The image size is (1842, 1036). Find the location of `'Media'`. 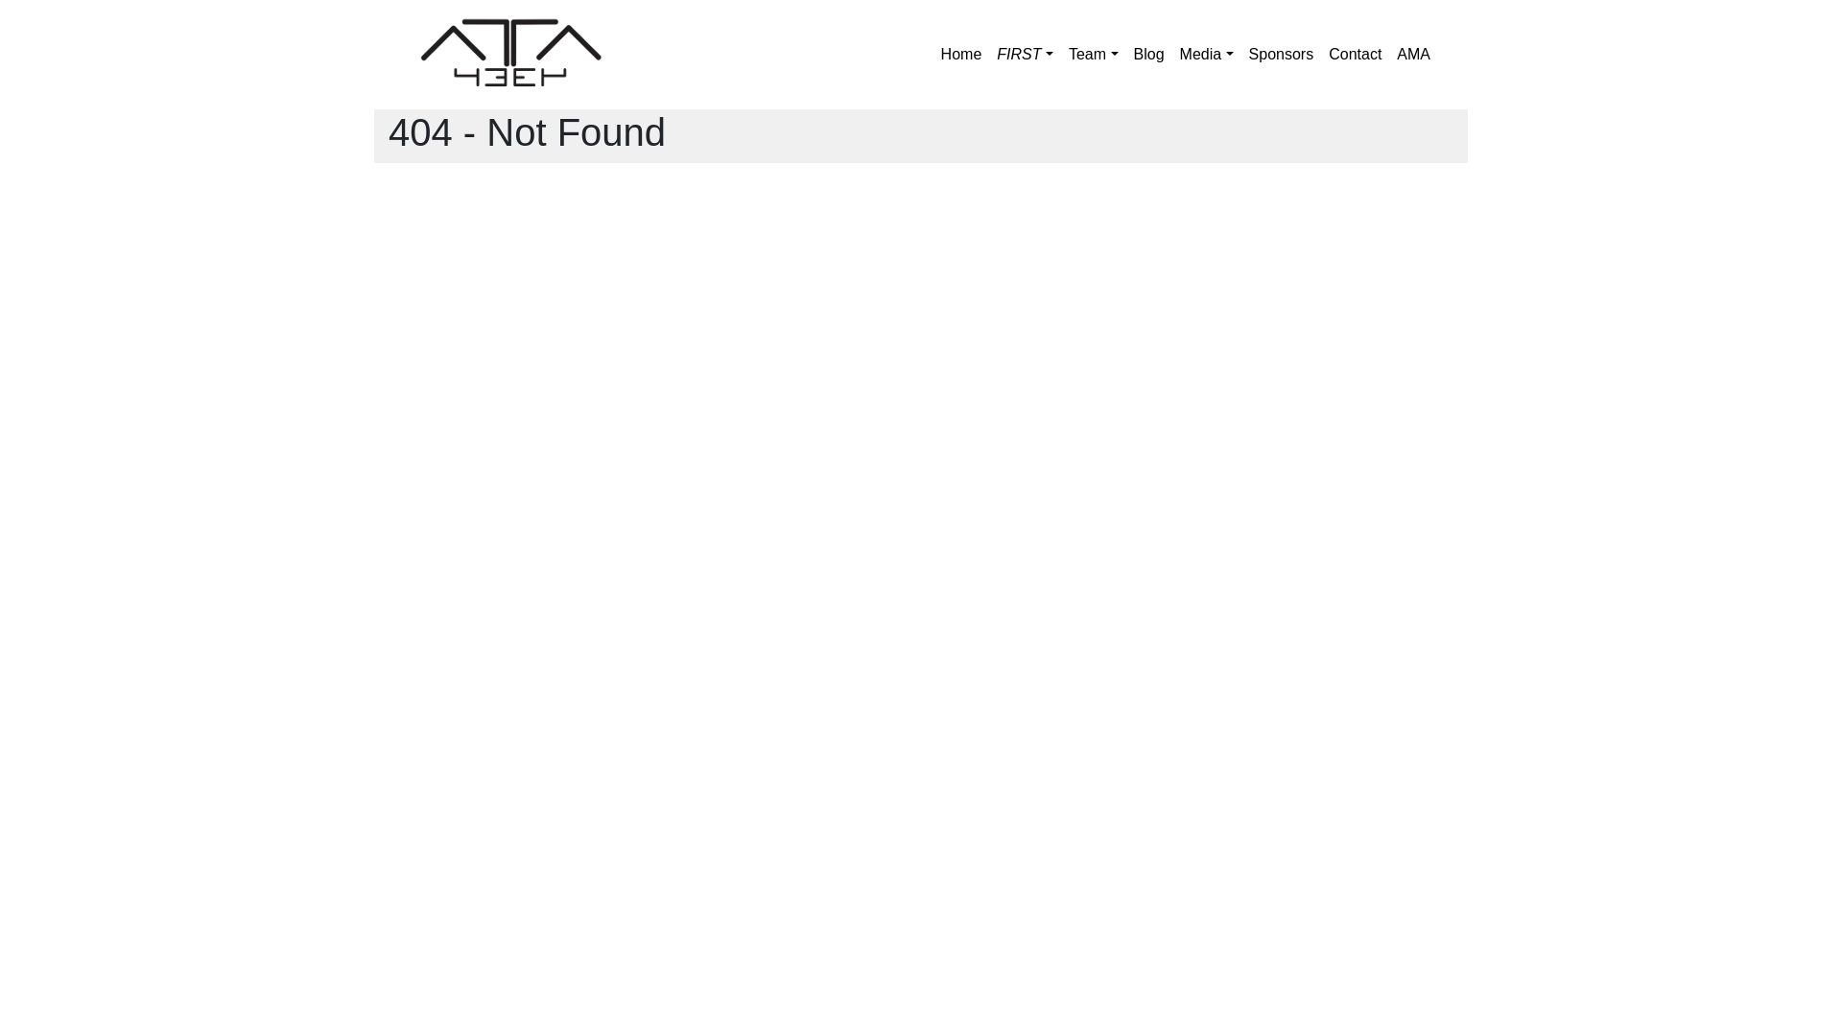

'Media' is located at coordinates (1171, 54).